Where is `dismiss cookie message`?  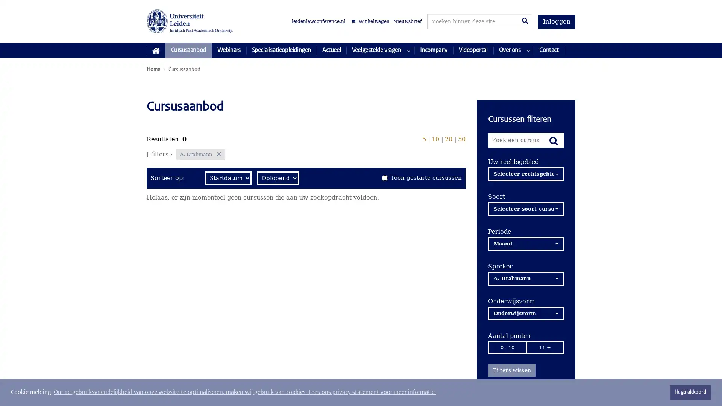 dismiss cookie message is located at coordinates (690, 392).